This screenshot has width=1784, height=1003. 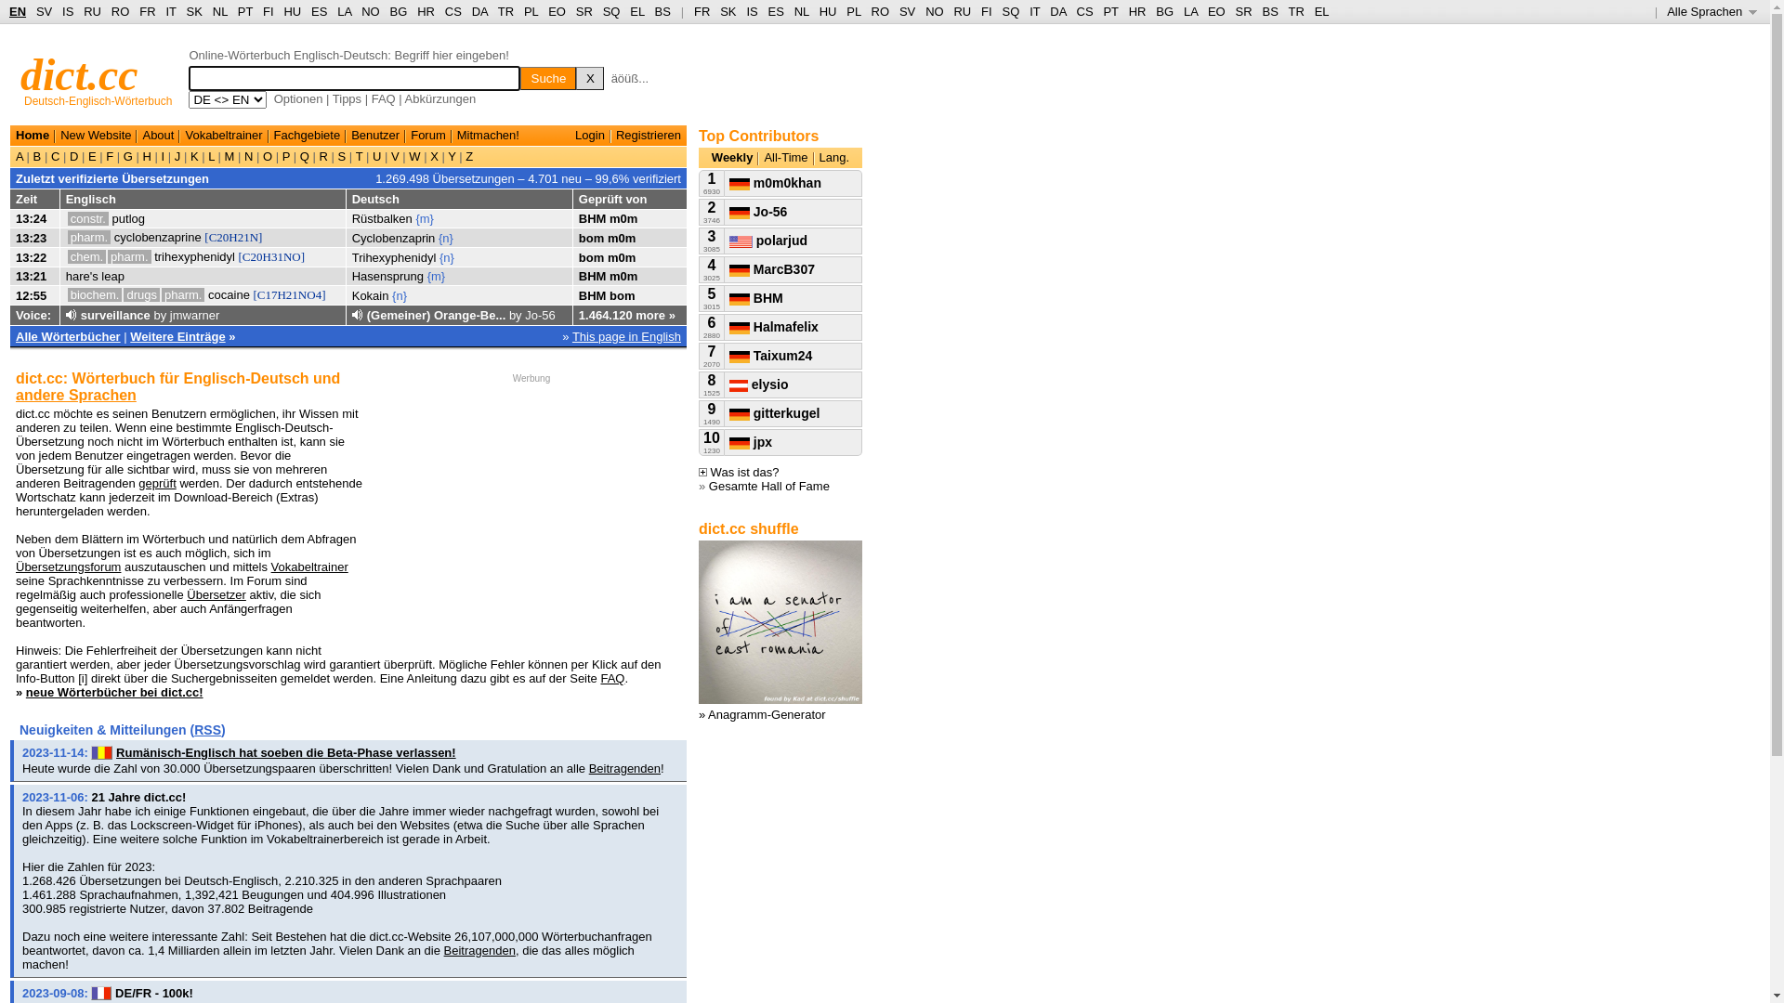 What do you see at coordinates (453, 11) in the screenshot?
I see `'CS'` at bounding box center [453, 11].